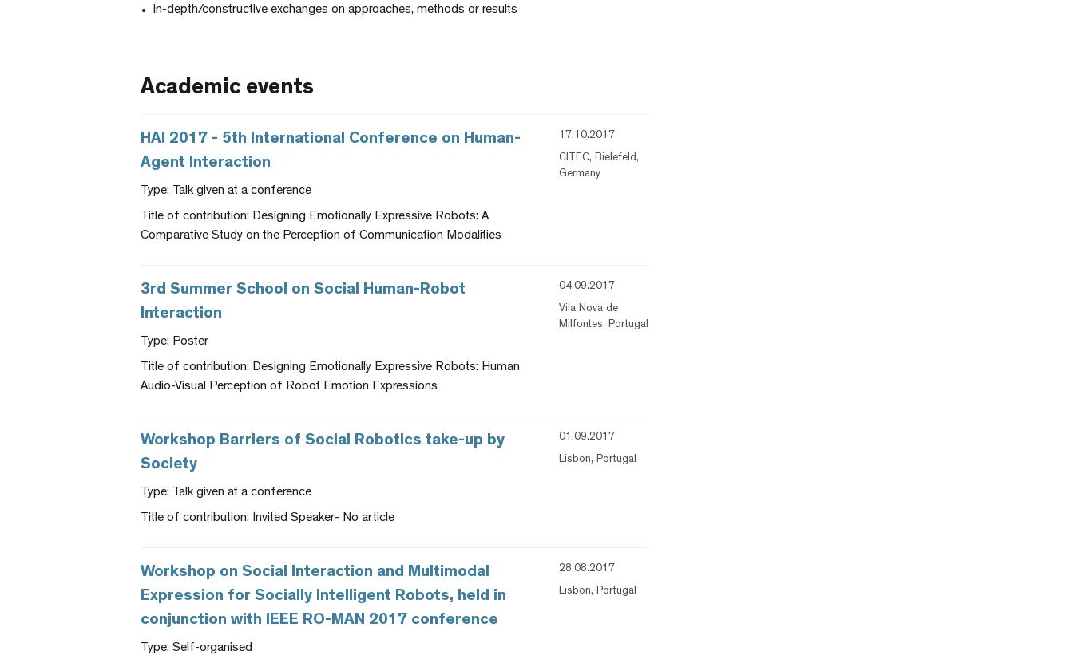  What do you see at coordinates (141, 341) in the screenshot?
I see `'Type: Poster'` at bounding box center [141, 341].